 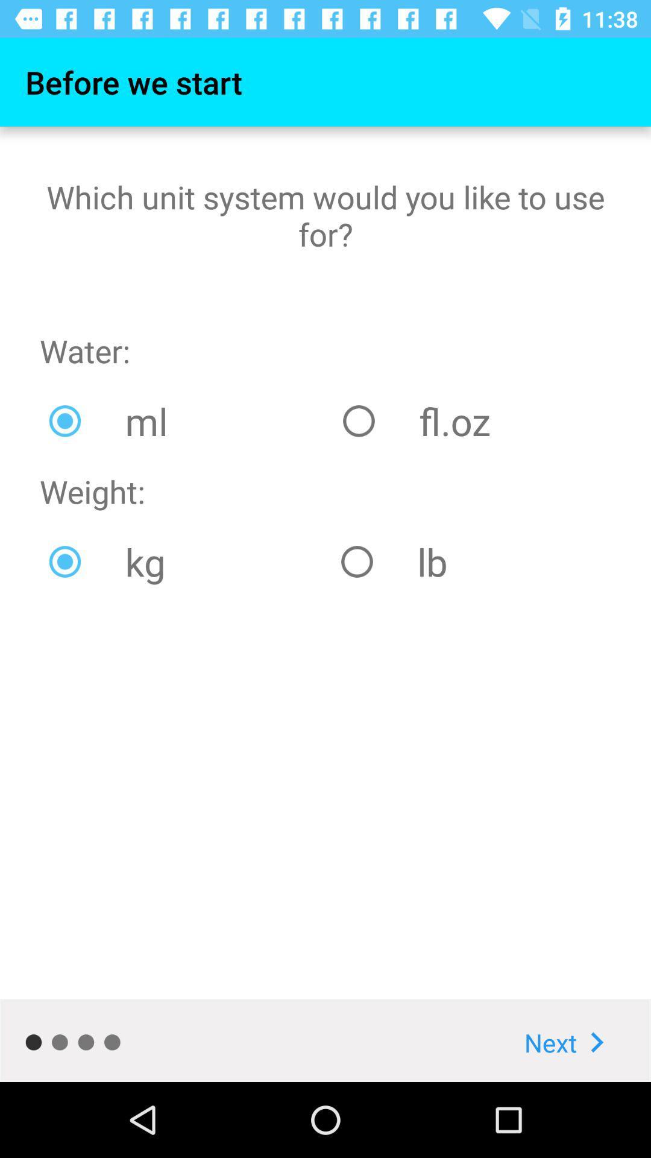 I want to click on the item next to the ml, so click(x=471, y=421).